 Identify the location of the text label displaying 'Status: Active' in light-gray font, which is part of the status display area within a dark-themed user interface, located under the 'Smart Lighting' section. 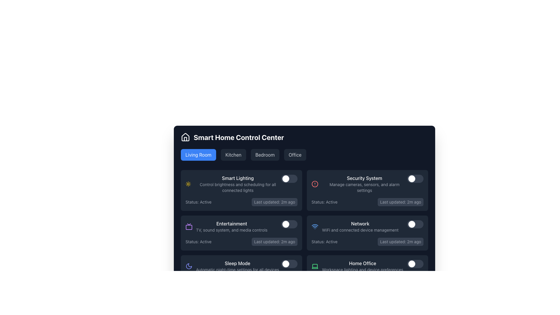
(198, 202).